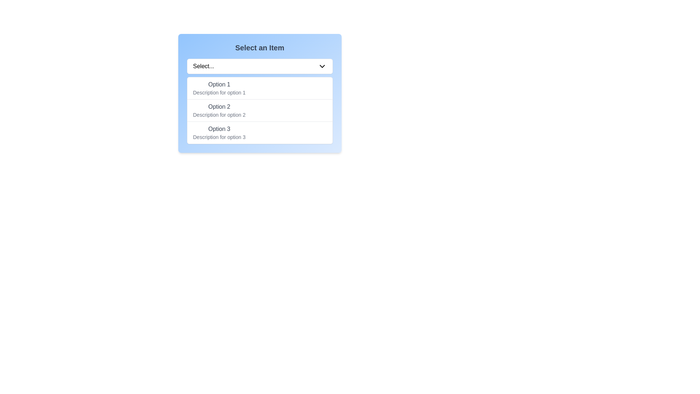 The image size is (700, 394). What do you see at coordinates (260, 132) in the screenshot?
I see `to select the dropdown menu option labeled 'Option 3', which is the last item in a vertical list with a hover effect that changes the background color to blue` at bounding box center [260, 132].